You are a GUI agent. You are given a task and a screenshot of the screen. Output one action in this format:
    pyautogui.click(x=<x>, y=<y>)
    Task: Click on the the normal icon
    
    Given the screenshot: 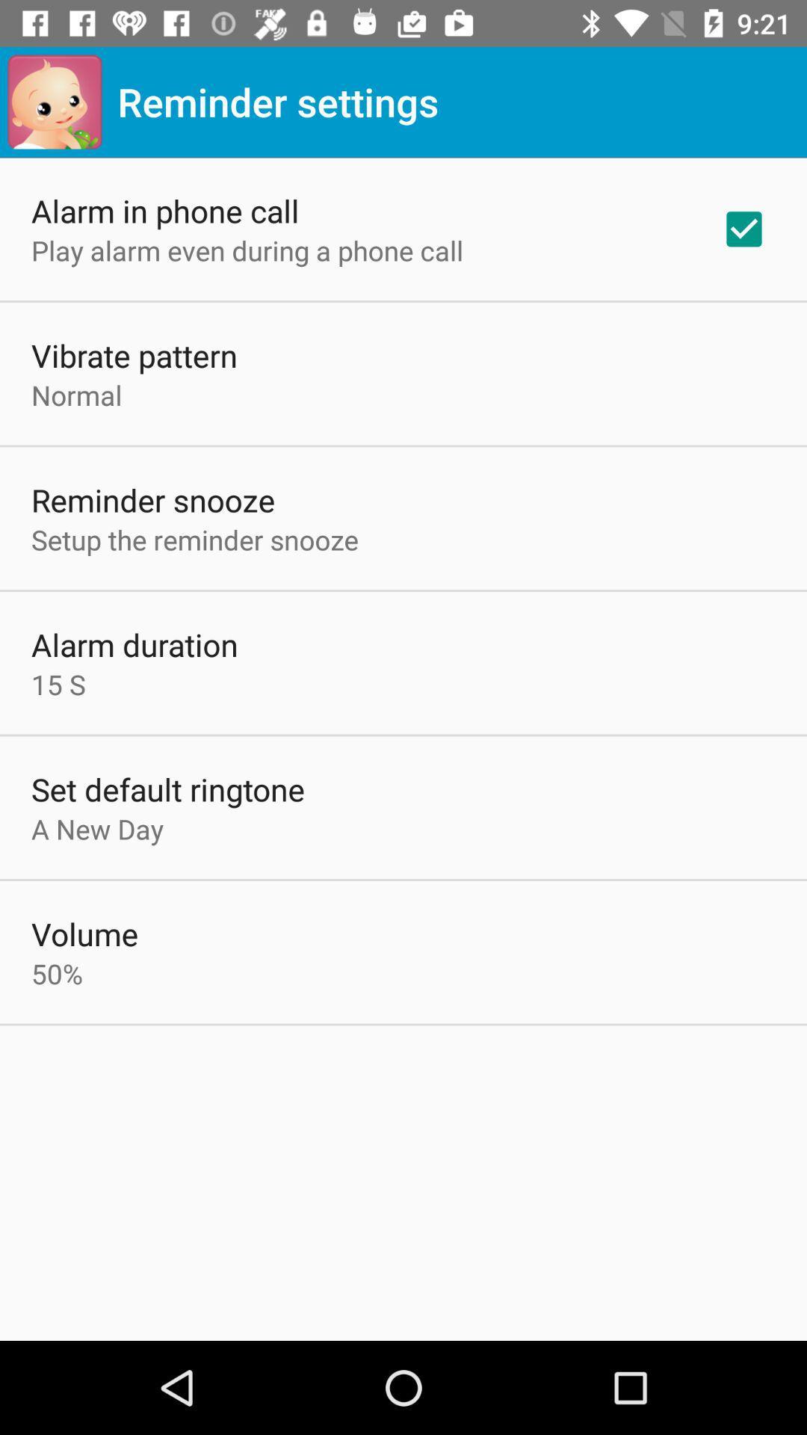 What is the action you would take?
    pyautogui.click(x=76, y=395)
    